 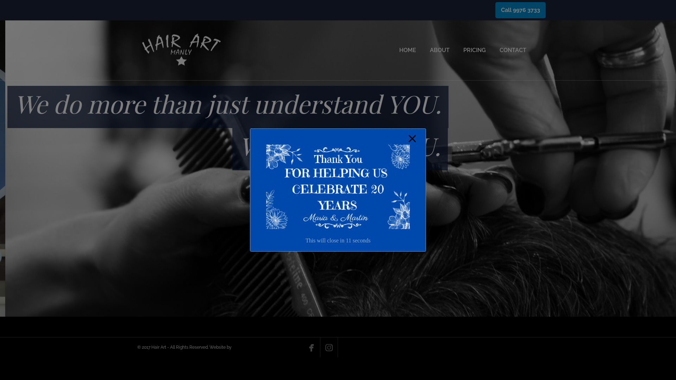 What do you see at coordinates (520, 10) in the screenshot?
I see `'Call 9976 3733'` at bounding box center [520, 10].